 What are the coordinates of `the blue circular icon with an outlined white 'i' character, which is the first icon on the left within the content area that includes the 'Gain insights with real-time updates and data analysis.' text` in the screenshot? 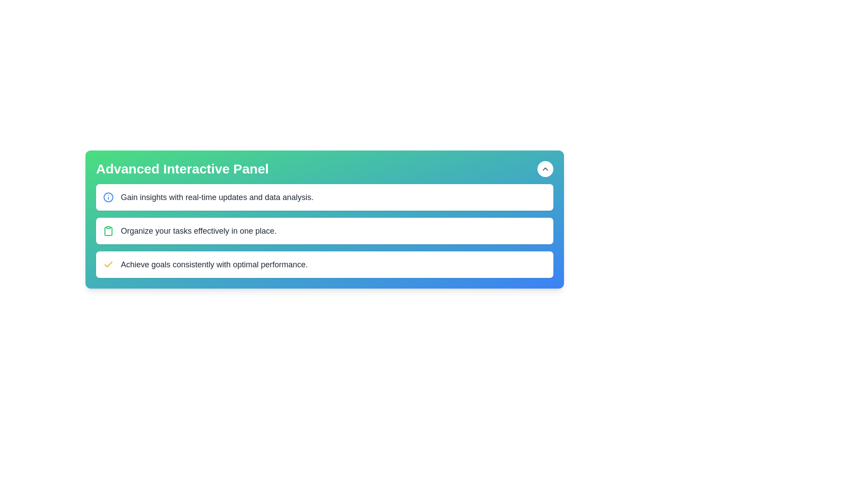 It's located at (108, 197).